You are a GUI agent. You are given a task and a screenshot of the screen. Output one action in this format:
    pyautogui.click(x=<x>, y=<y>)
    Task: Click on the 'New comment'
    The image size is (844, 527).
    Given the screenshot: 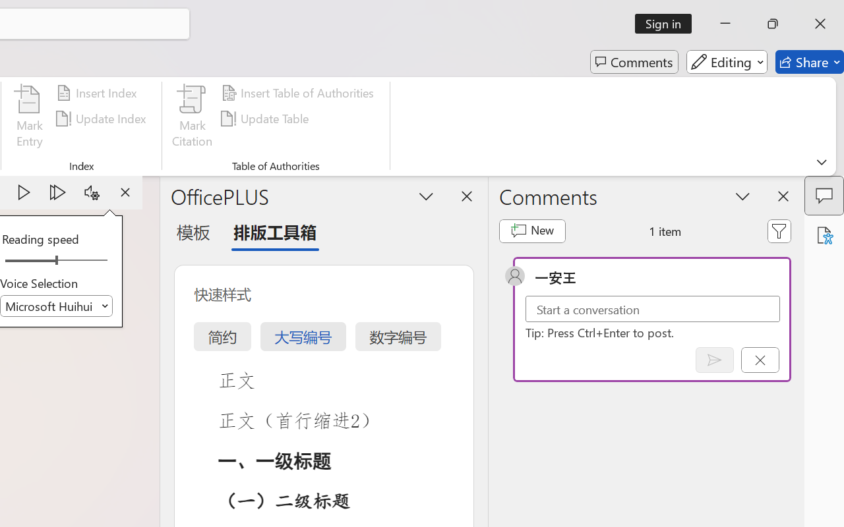 What is the action you would take?
    pyautogui.click(x=532, y=231)
    